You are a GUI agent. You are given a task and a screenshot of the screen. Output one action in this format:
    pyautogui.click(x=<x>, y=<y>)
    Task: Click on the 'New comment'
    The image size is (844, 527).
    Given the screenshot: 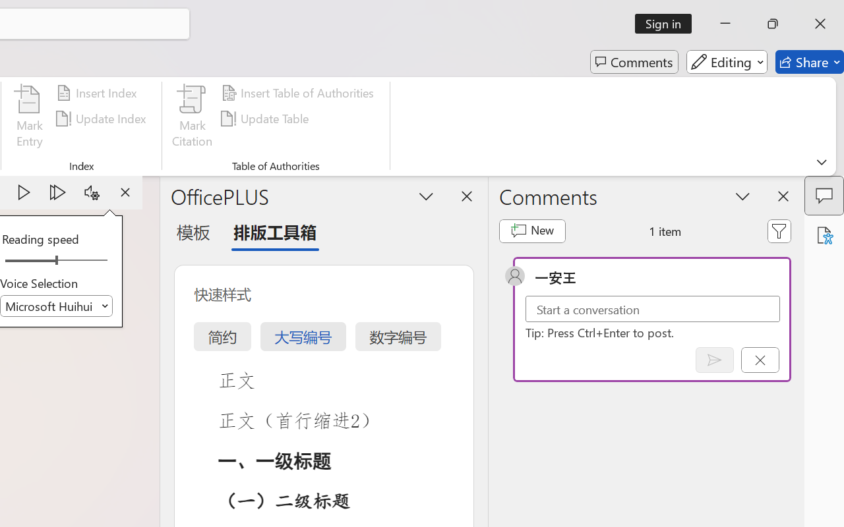 What is the action you would take?
    pyautogui.click(x=532, y=231)
    